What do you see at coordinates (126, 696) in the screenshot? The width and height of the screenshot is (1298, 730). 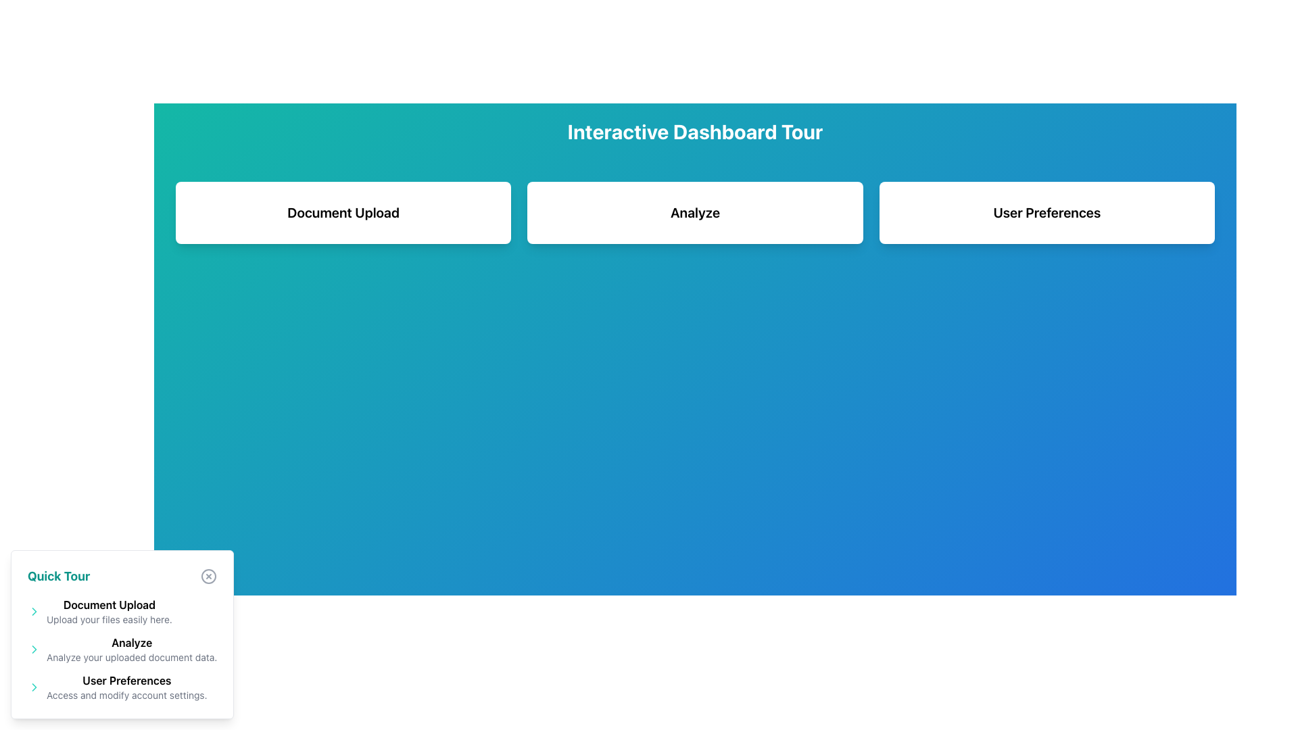 I see `static text label located beneath the 'User Preferences' heading in the bottom-left corner of the interface` at bounding box center [126, 696].